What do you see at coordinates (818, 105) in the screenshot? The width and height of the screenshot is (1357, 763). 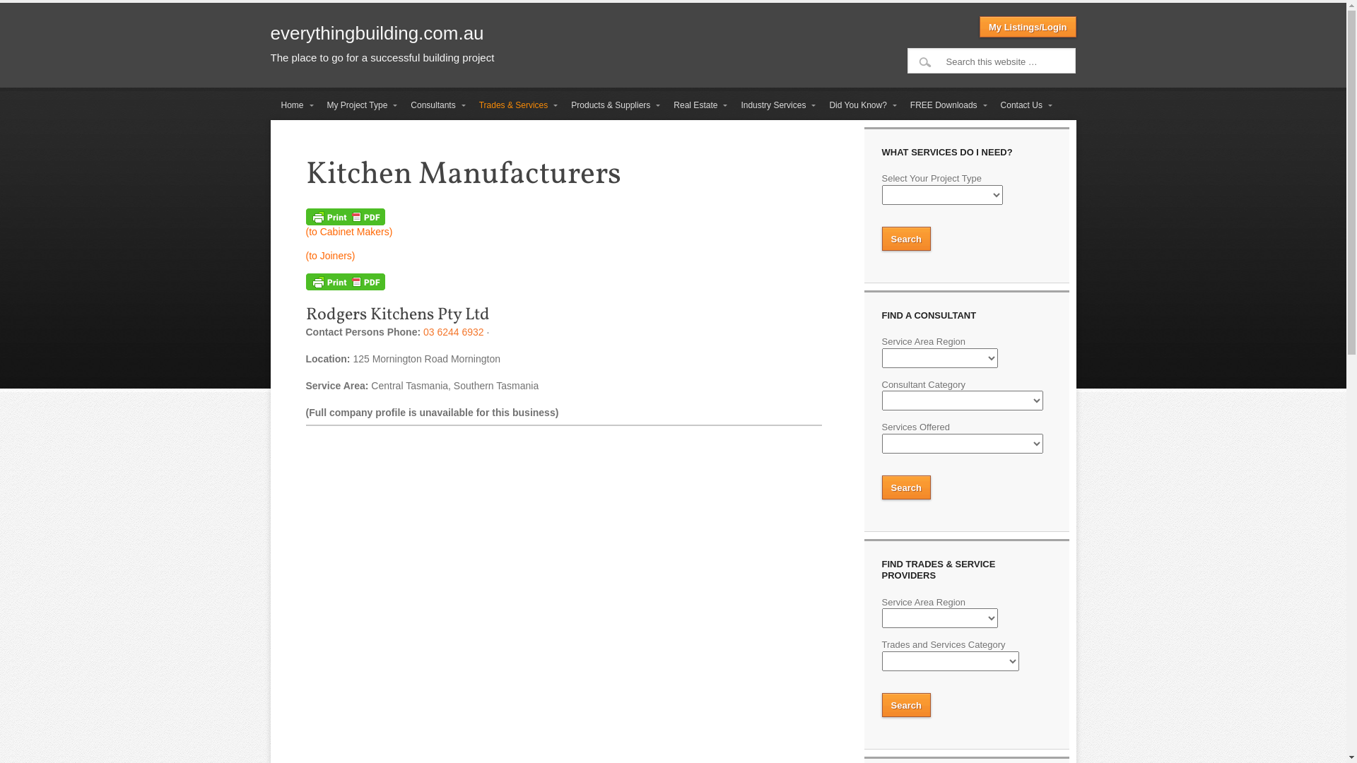 I see `'Did You Know?'` at bounding box center [818, 105].